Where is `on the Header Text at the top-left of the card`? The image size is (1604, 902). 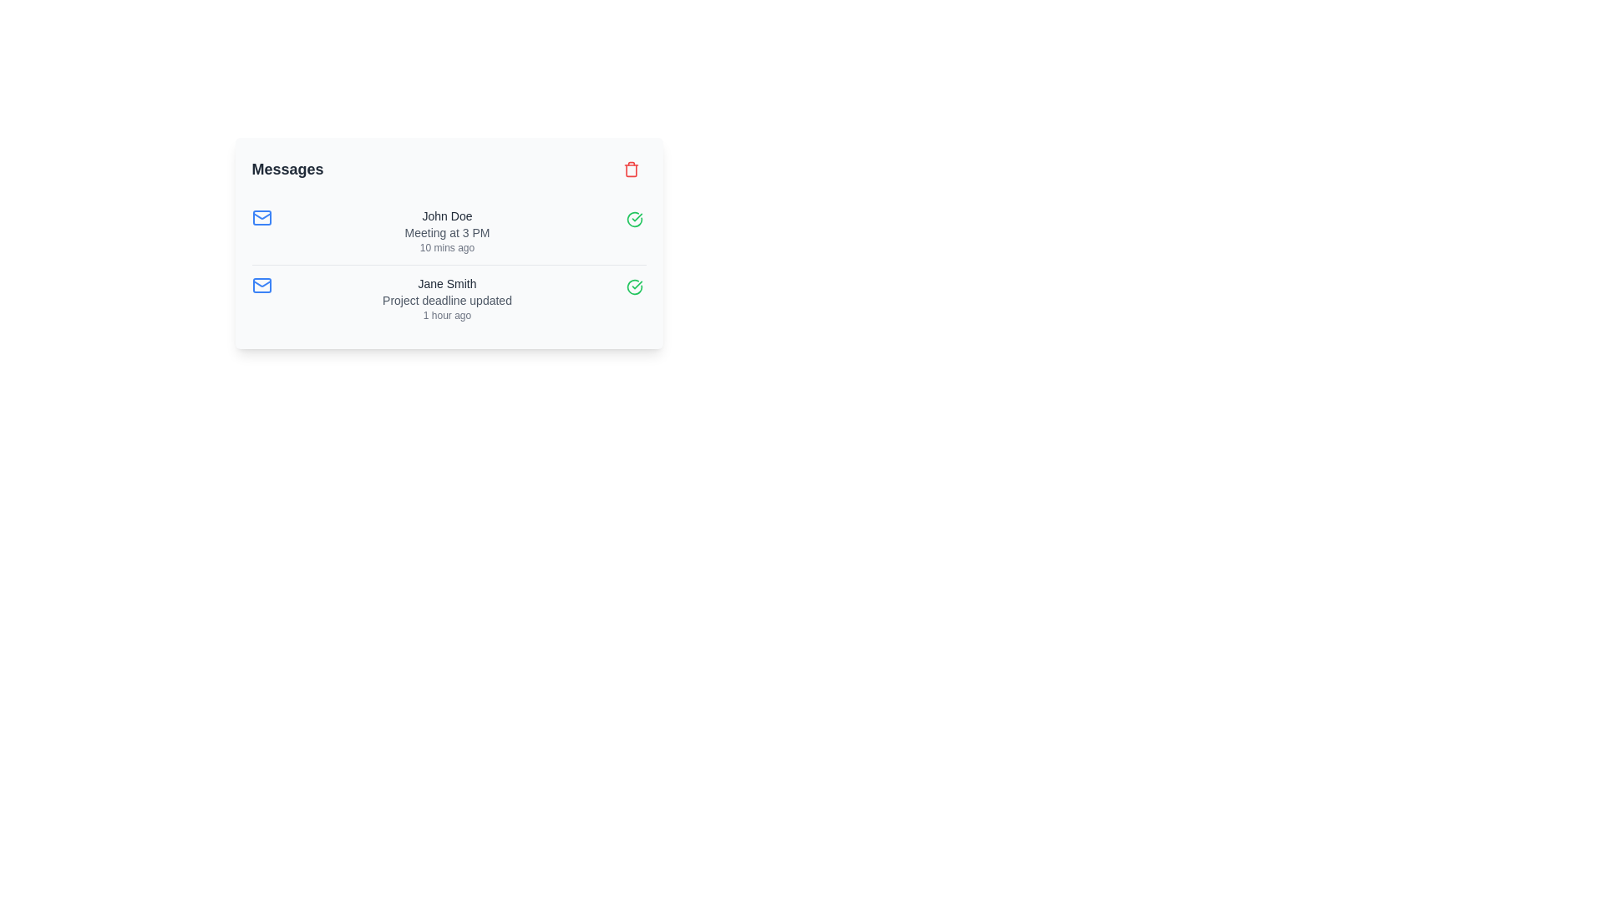 on the Header Text at the top-left of the card is located at coordinates (287, 170).